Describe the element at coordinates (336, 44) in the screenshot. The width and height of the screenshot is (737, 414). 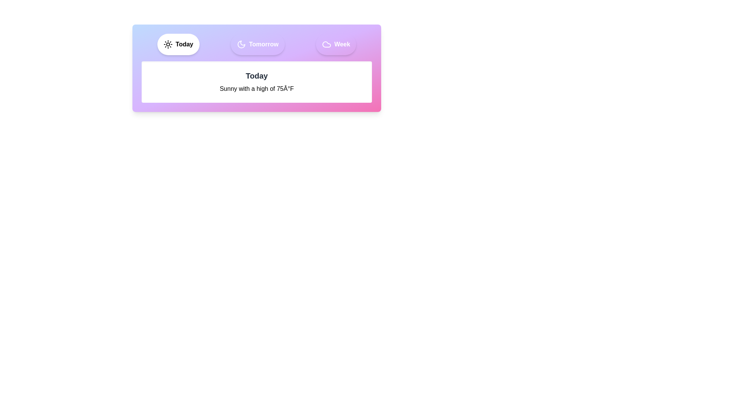
I see `the Week tab` at that location.